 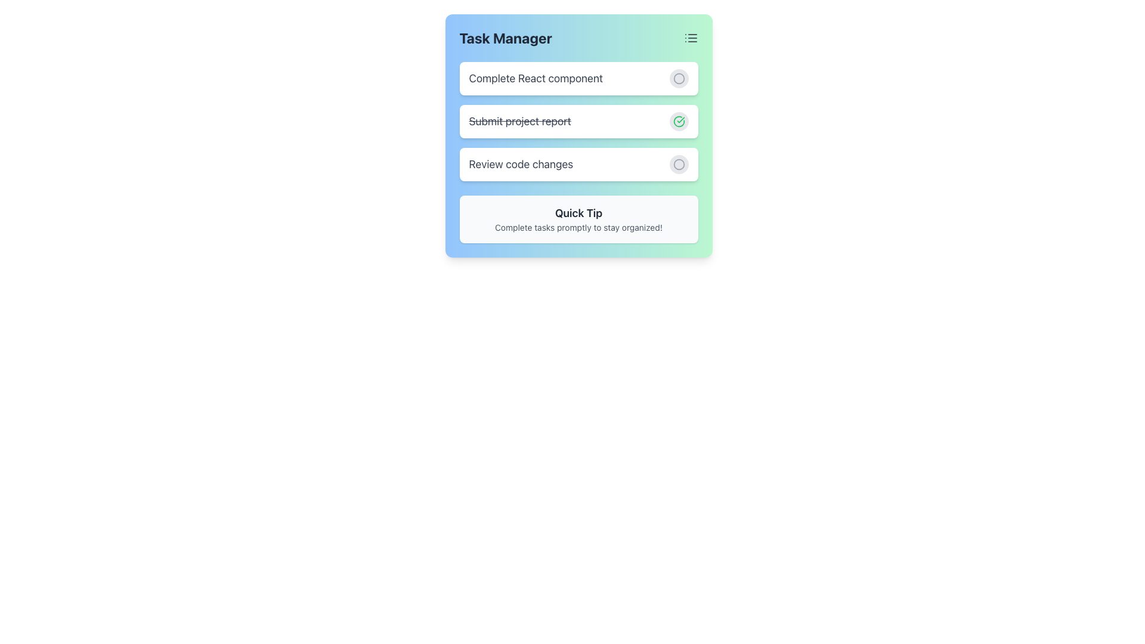 I want to click on the static text displaying 'Complete tasks promptly to stay organized!' located inside the 'Quick Tip' panel, which is below the 'Quick Tip' heading, so click(x=578, y=227).